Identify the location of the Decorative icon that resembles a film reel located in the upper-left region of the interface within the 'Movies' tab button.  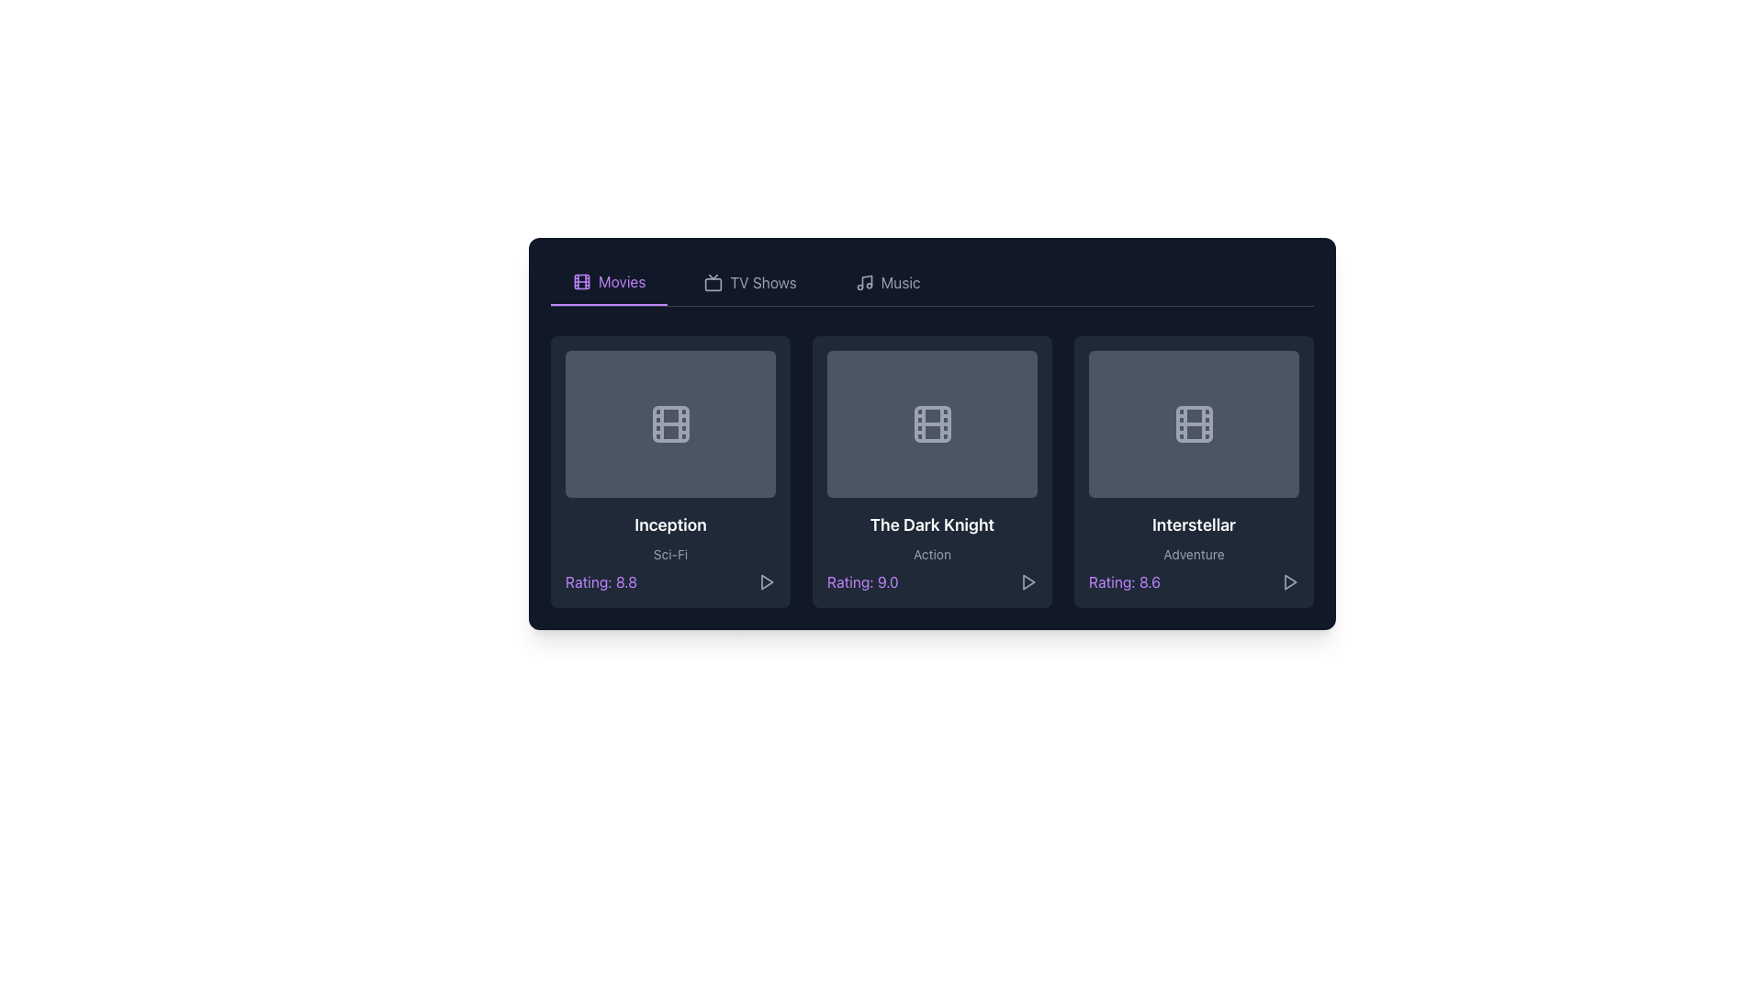
(580, 282).